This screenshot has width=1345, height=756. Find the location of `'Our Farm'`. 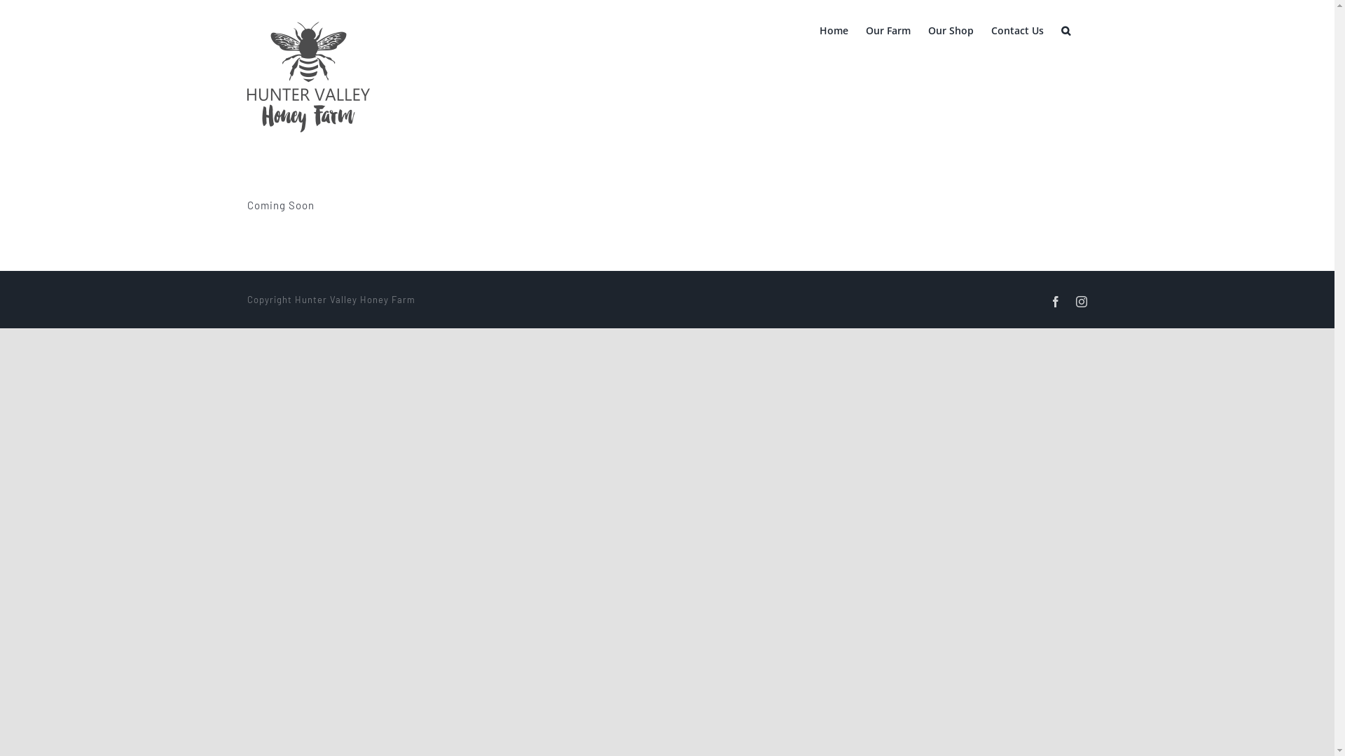

'Our Farm' is located at coordinates (865, 29).